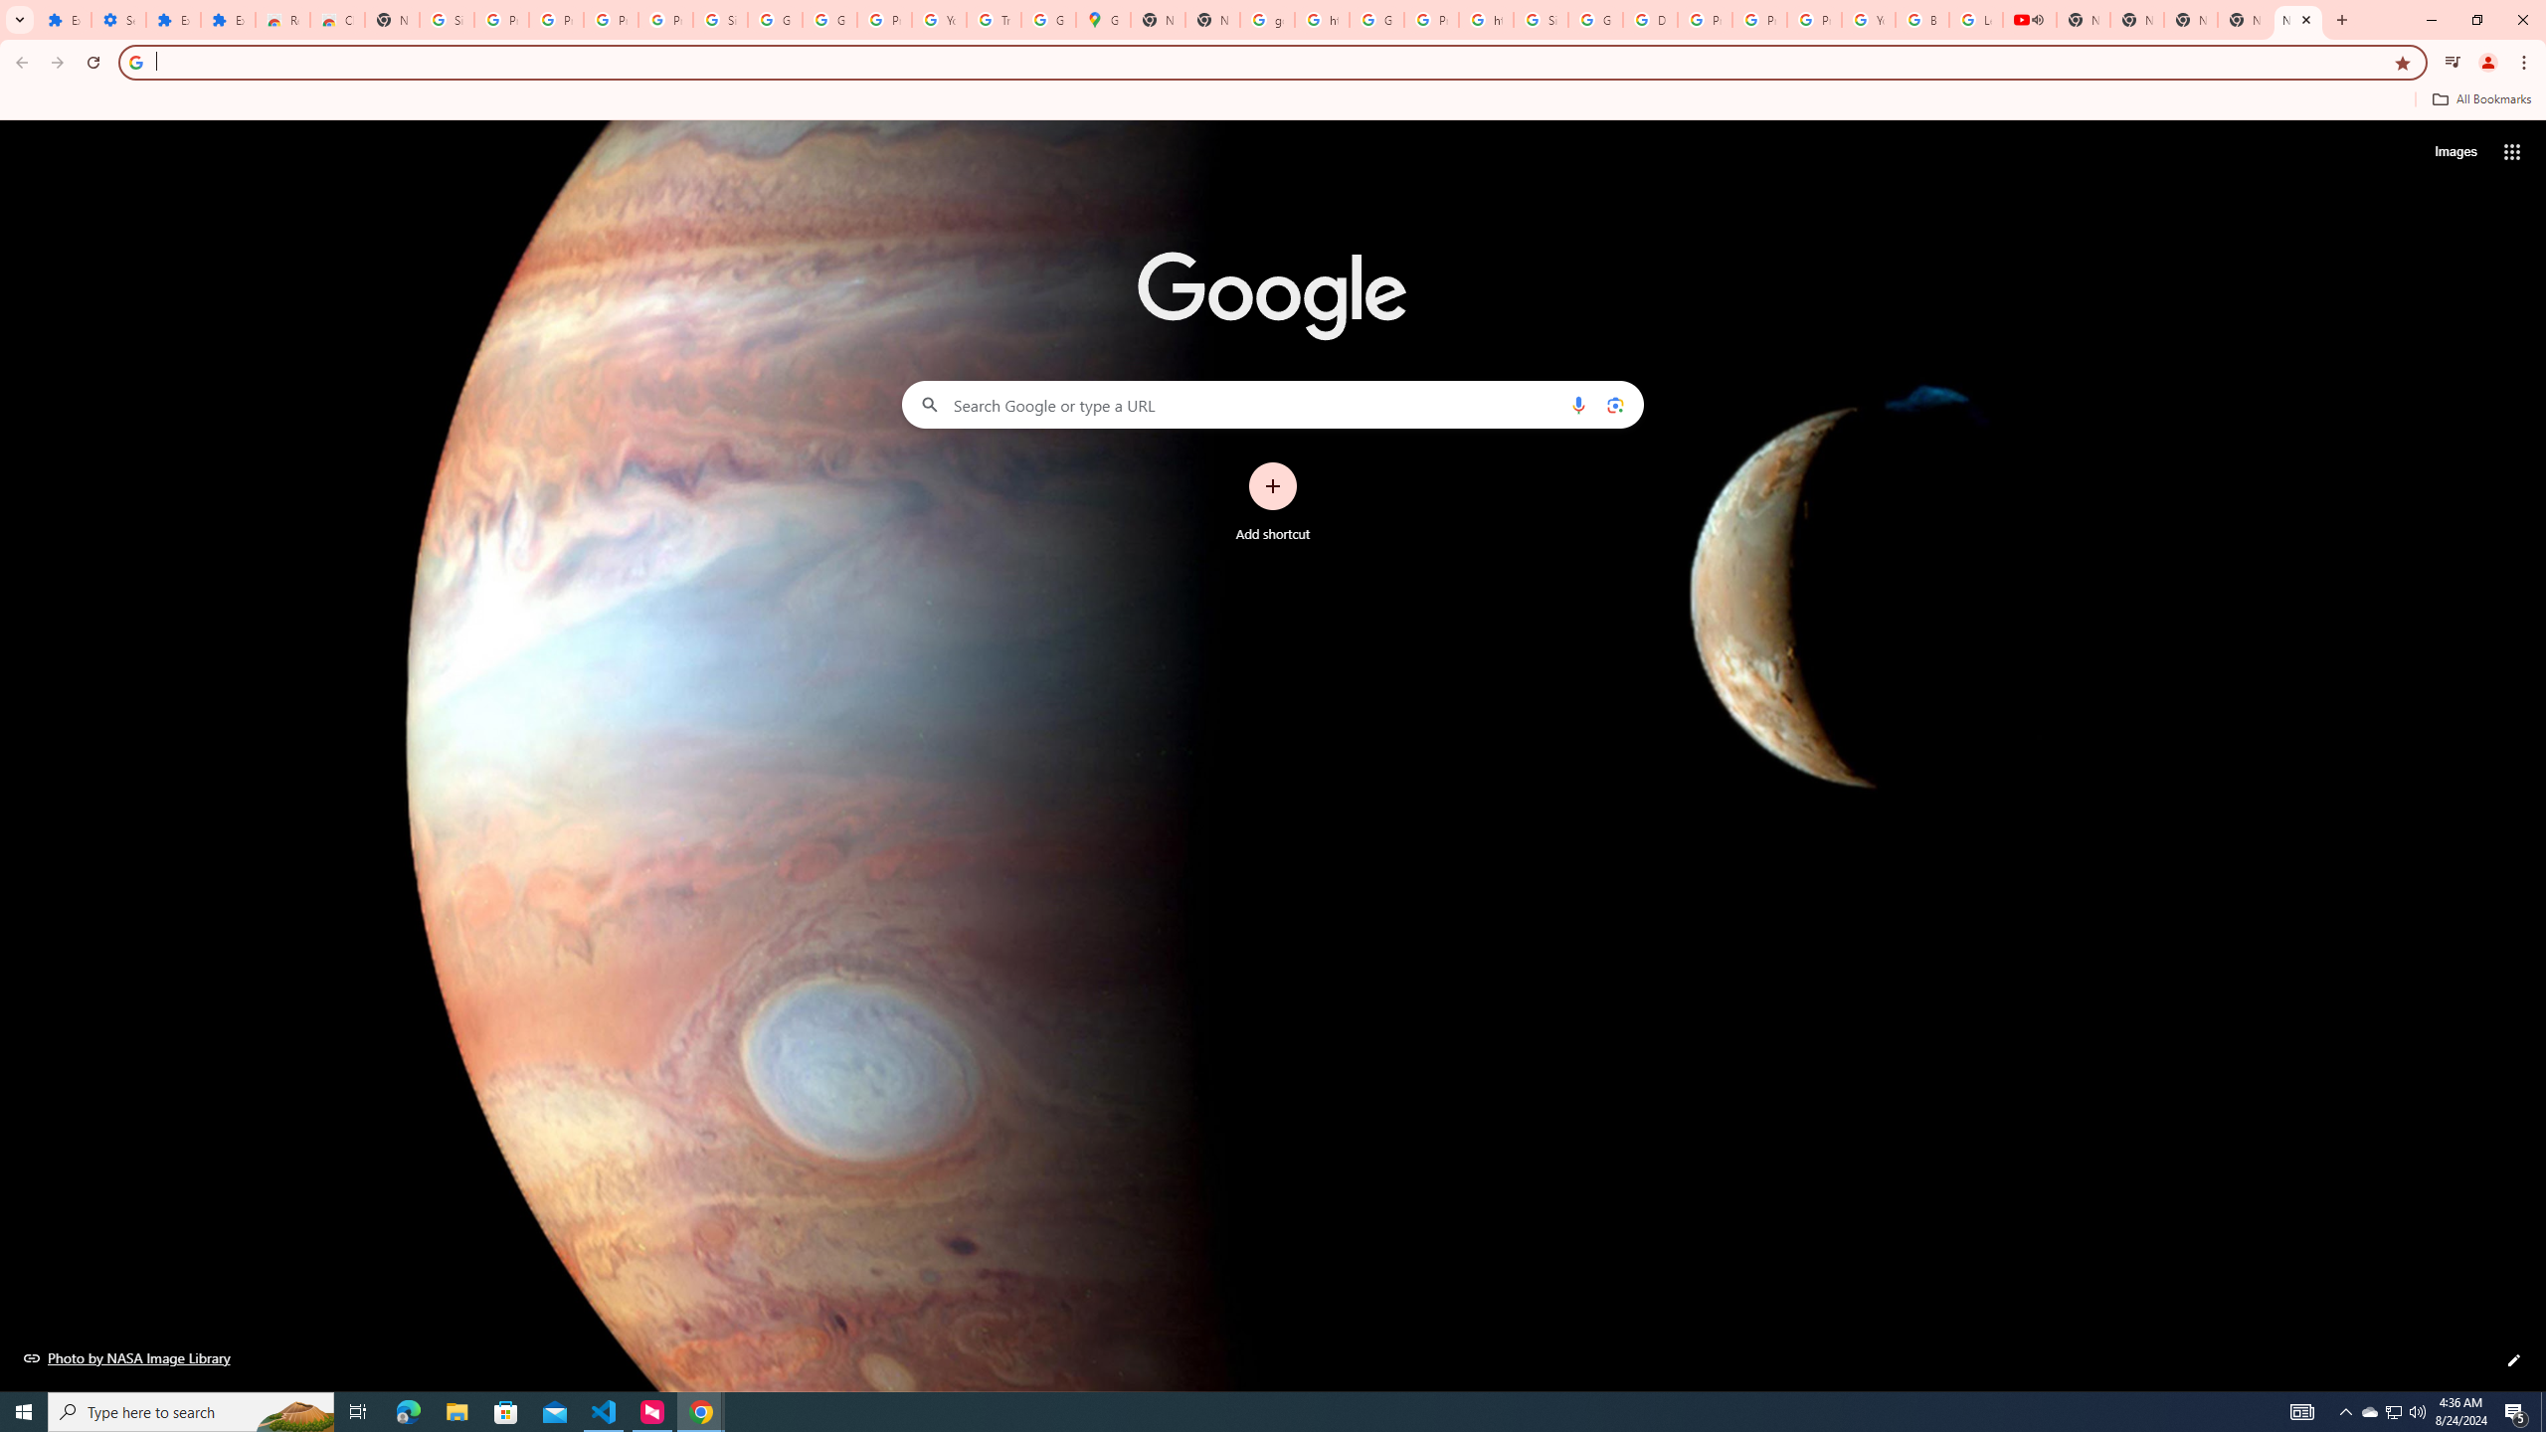  What do you see at coordinates (1758, 19) in the screenshot?
I see `'Privacy Help Center - Policies Help'` at bounding box center [1758, 19].